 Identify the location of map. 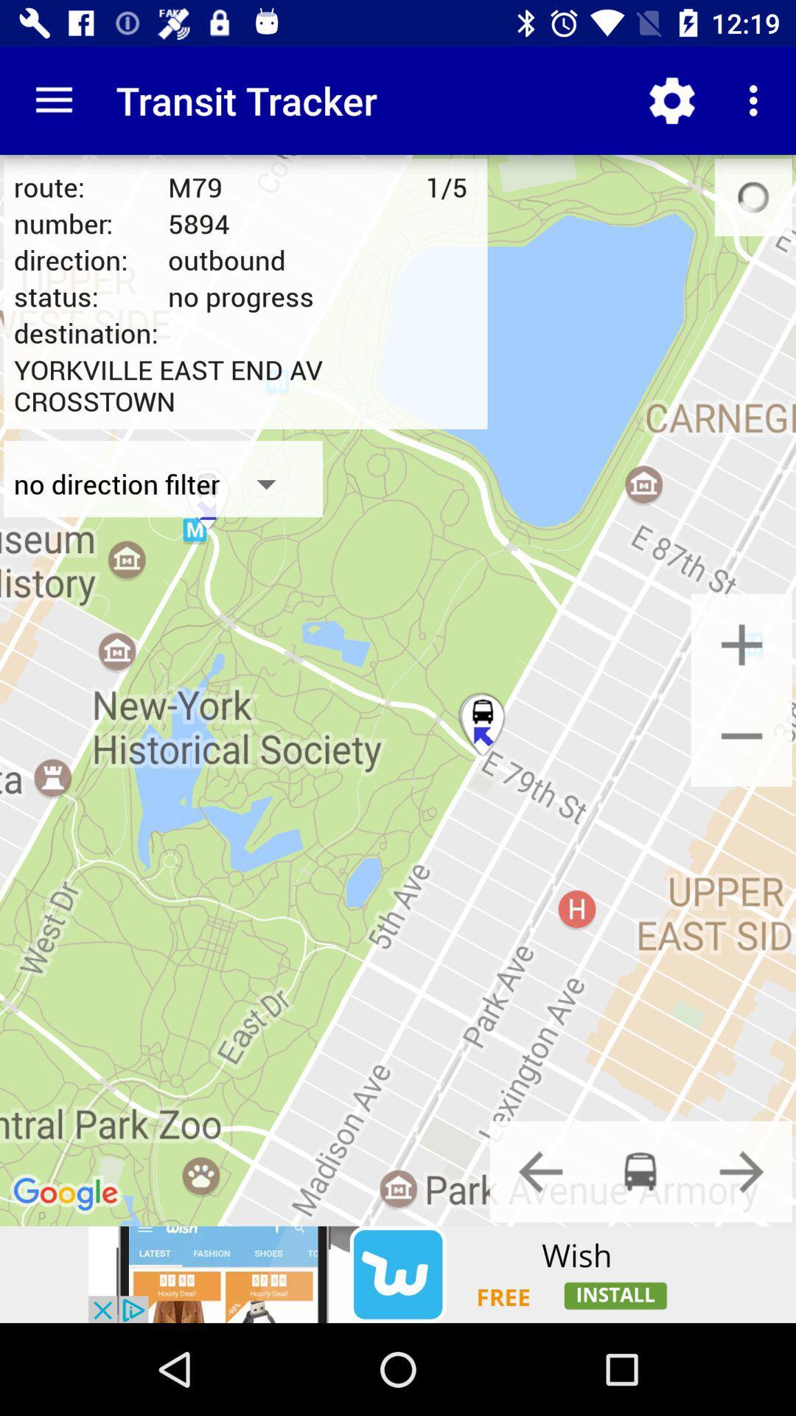
(741, 735).